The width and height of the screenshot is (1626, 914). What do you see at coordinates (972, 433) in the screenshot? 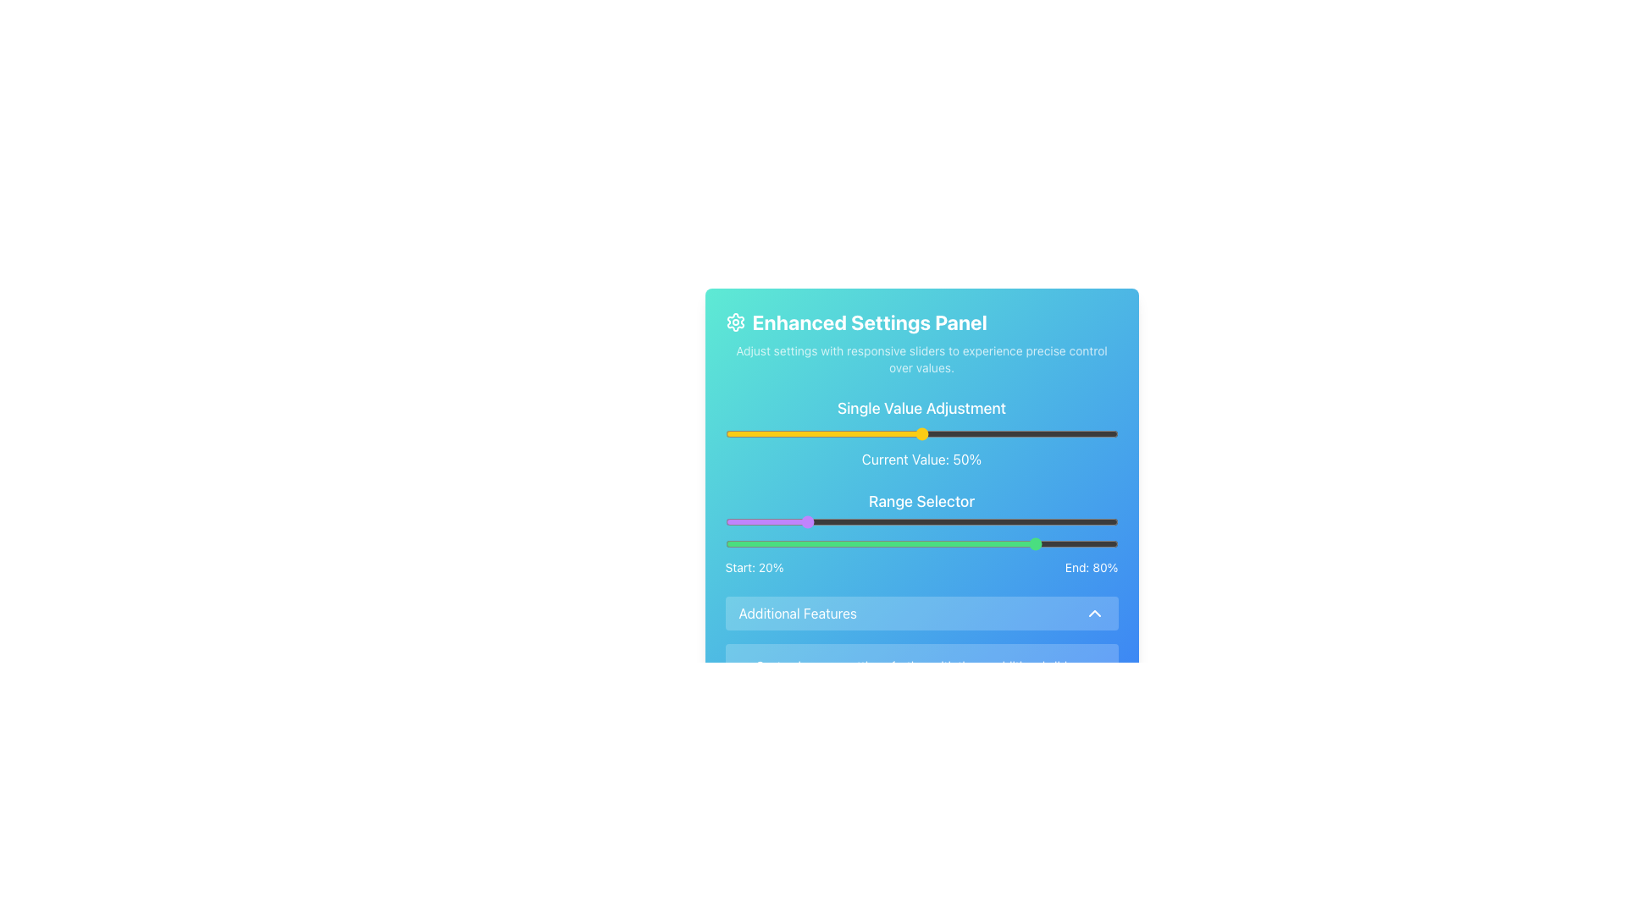
I see `the slider value` at bounding box center [972, 433].